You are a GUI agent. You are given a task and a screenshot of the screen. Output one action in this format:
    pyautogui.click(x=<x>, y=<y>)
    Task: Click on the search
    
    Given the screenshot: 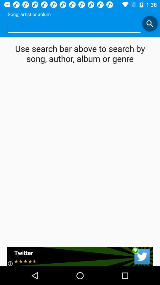 What is the action you would take?
    pyautogui.click(x=149, y=23)
    